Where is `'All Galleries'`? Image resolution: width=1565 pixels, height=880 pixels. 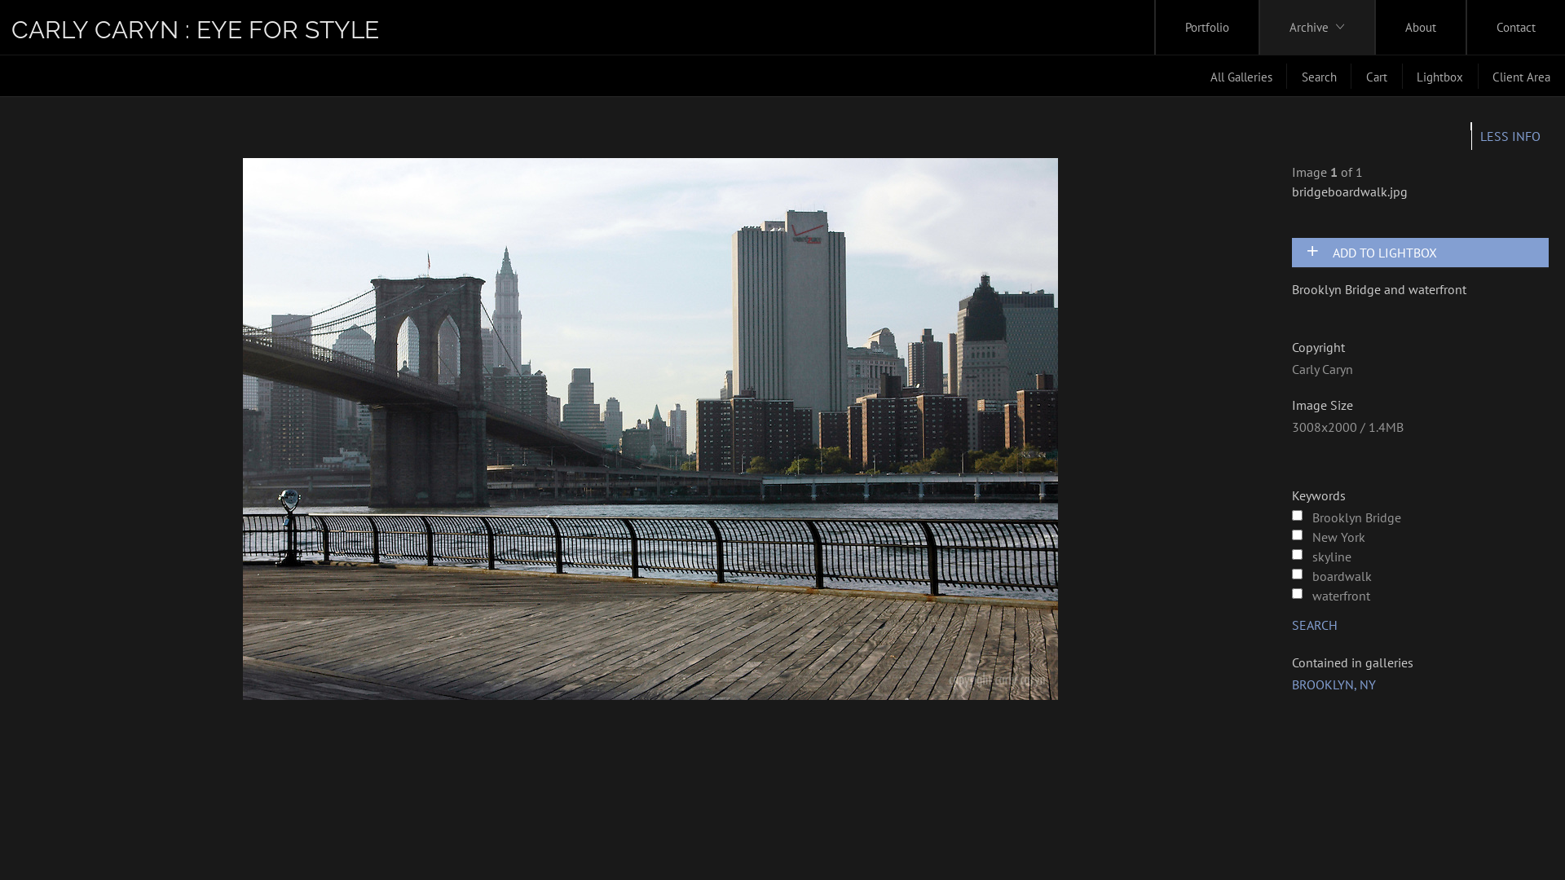
'All Galleries' is located at coordinates (1240, 76).